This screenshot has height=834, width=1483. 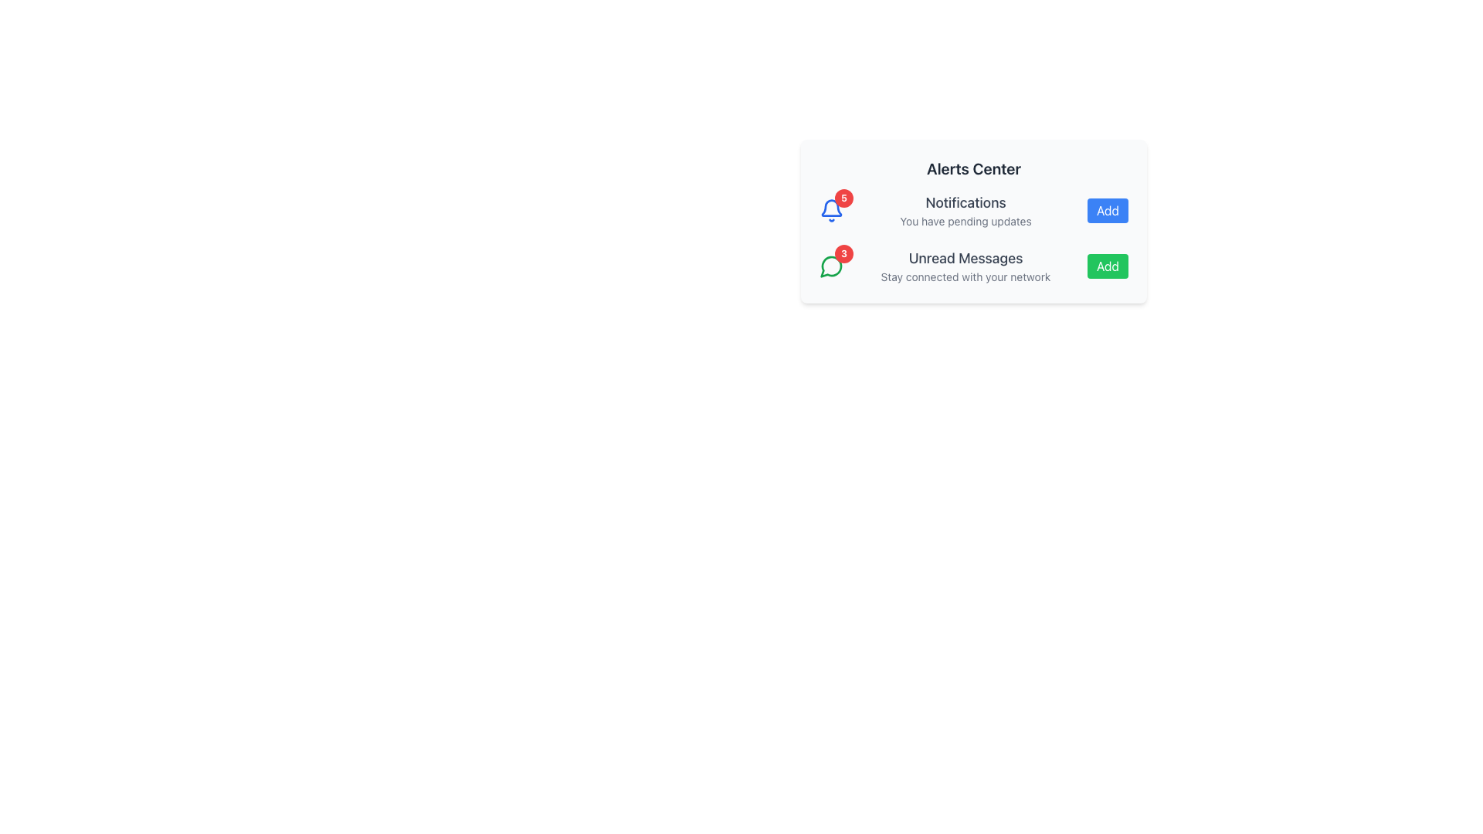 I want to click on informational text block that displays 'Unread Messages' in bold and 'Stay connected with your network.' in a lighter font, so click(x=965, y=265).